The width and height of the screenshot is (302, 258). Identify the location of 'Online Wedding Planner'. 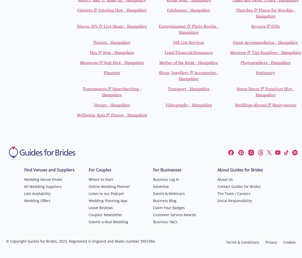
(109, 186).